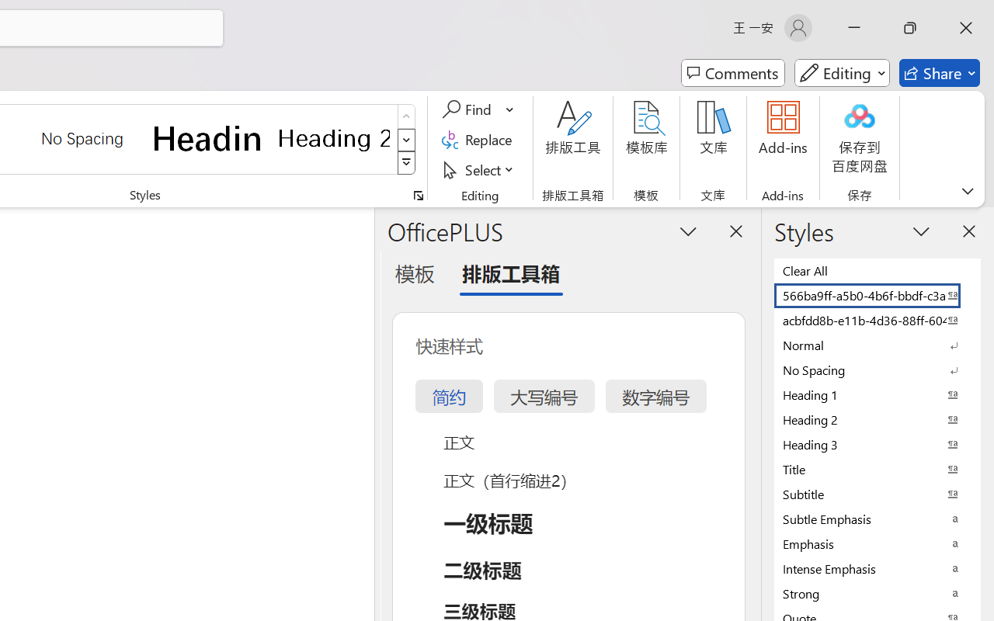 The height and width of the screenshot is (621, 994). What do you see at coordinates (333, 137) in the screenshot?
I see `'Heading 2'` at bounding box center [333, 137].